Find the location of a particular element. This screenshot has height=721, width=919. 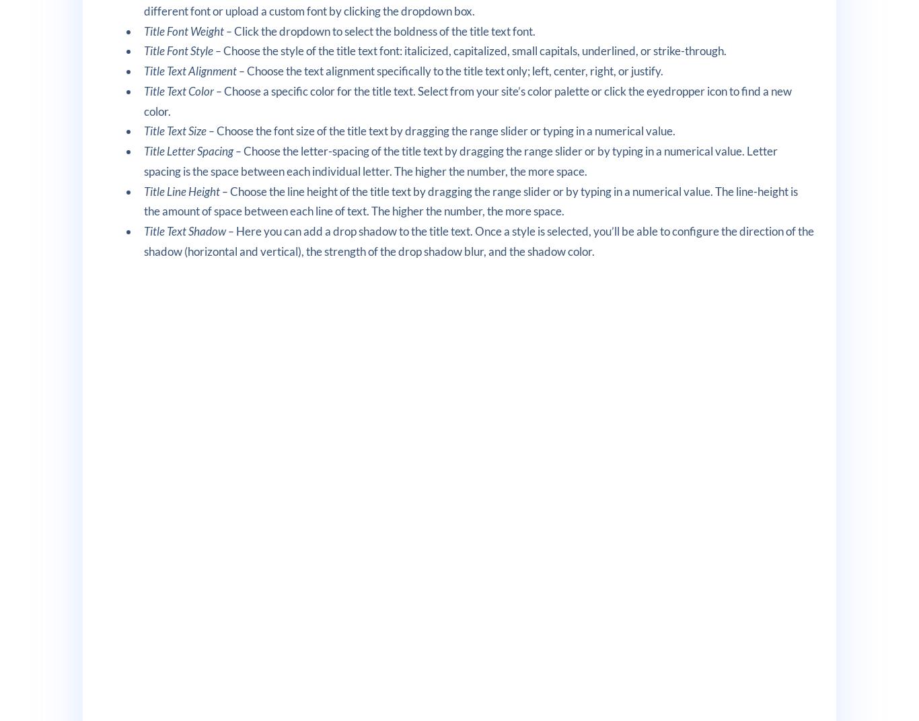

'Title Text Size –' is located at coordinates (180, 130).